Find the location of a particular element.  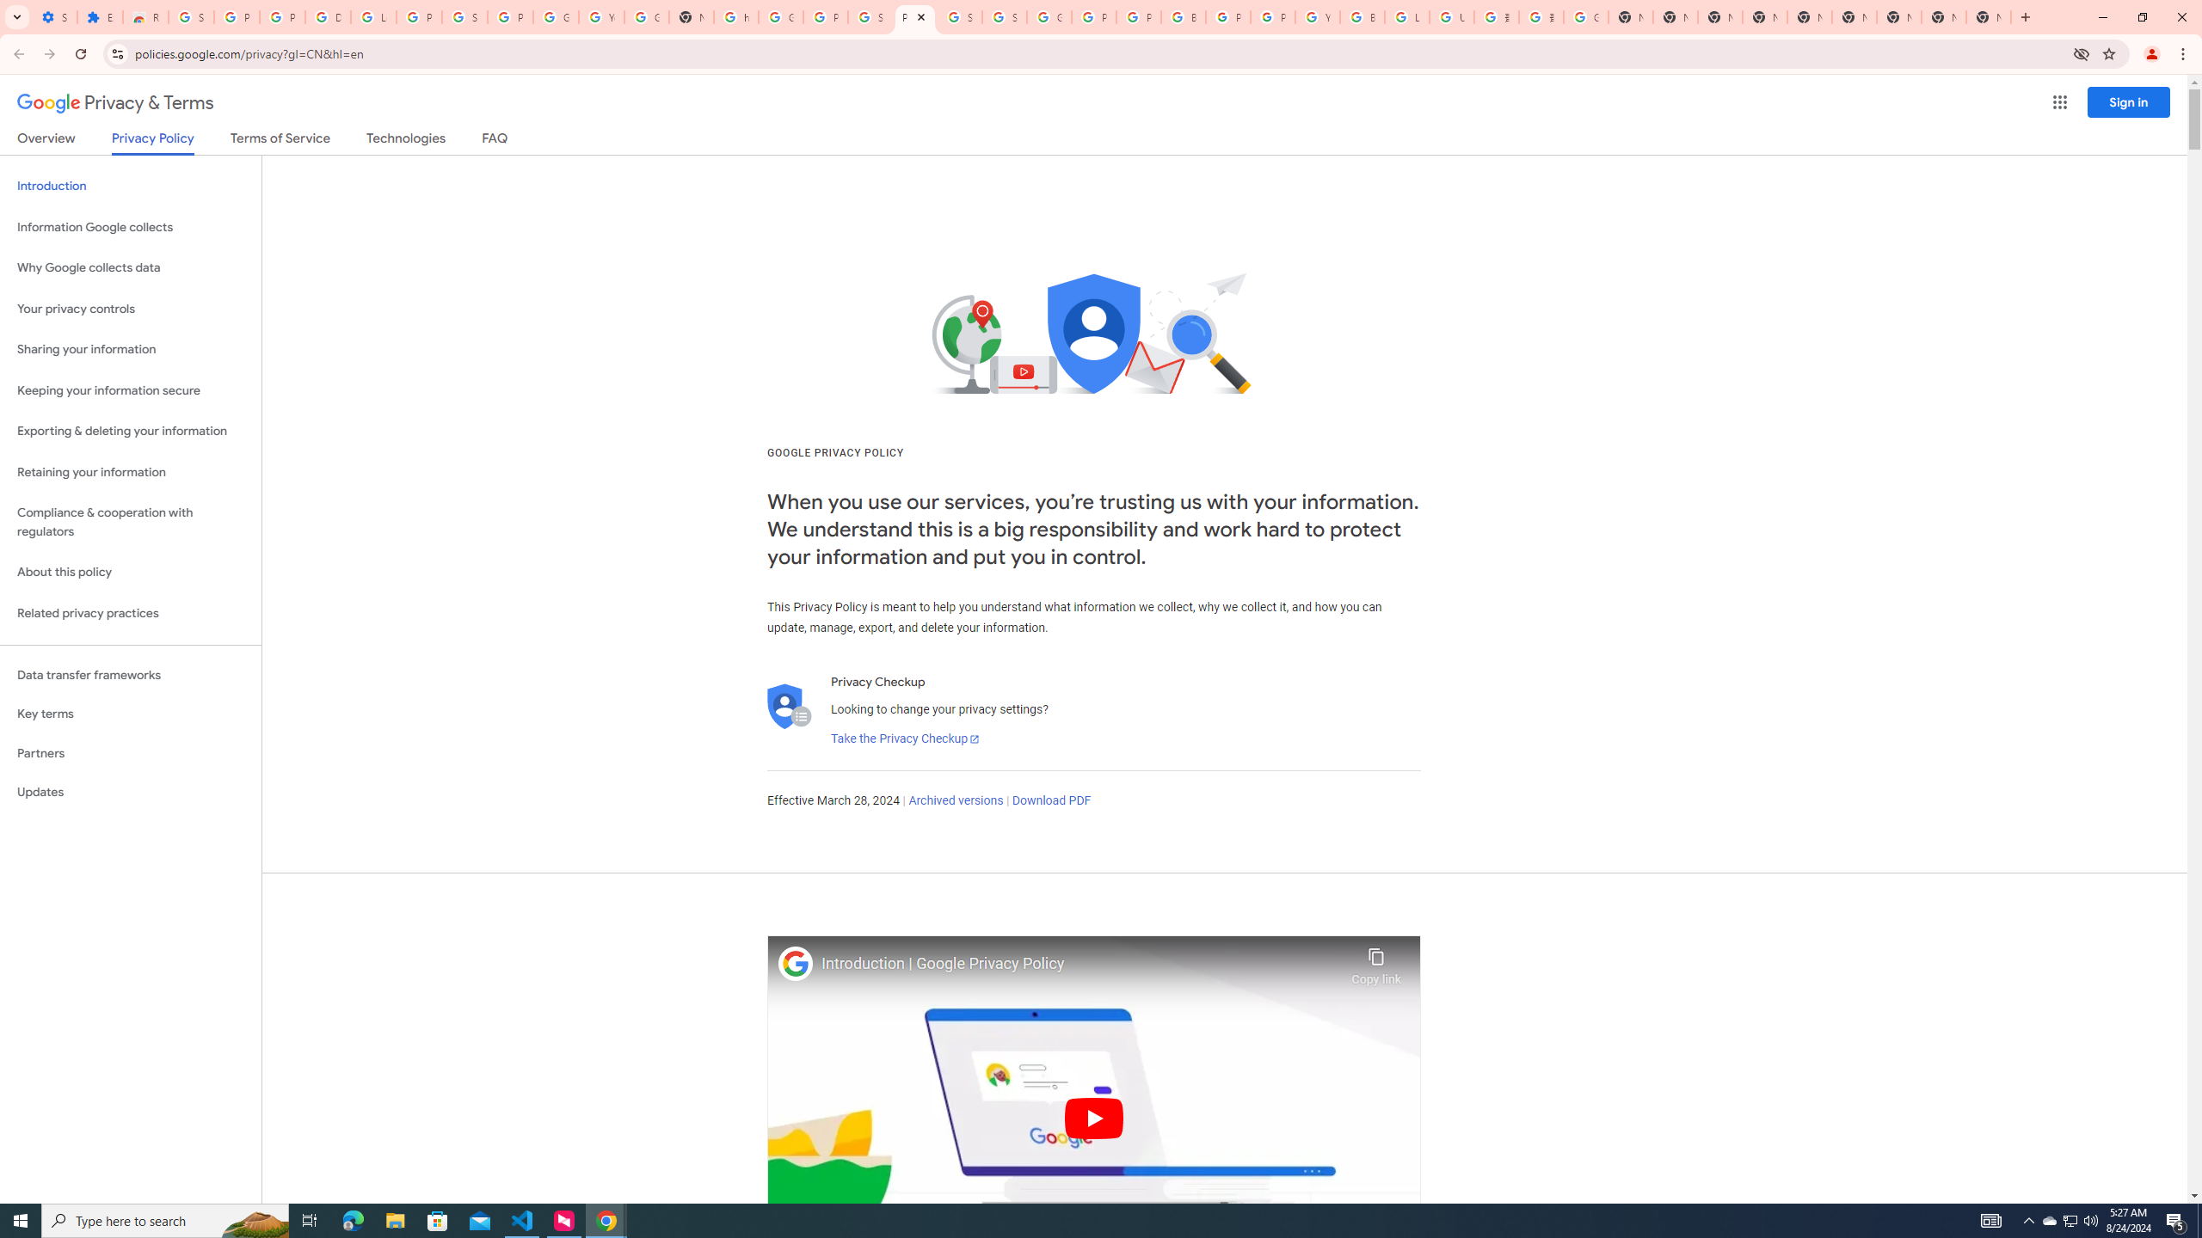

'Delete photos & videos - Computer - Google Photos Help' is located at coordinates (327, 16).